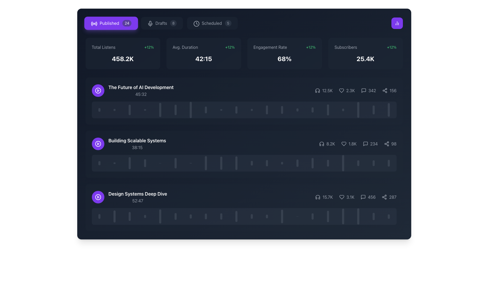 The width and height of the screenshot is (501, 282). Describe the element at coordinates (373, 216) in the screenshot. I see `the 19th vertical rounded rectangle progress bar element, which is gray and slightly opaque, located in the bottom section of the interface` at that location.